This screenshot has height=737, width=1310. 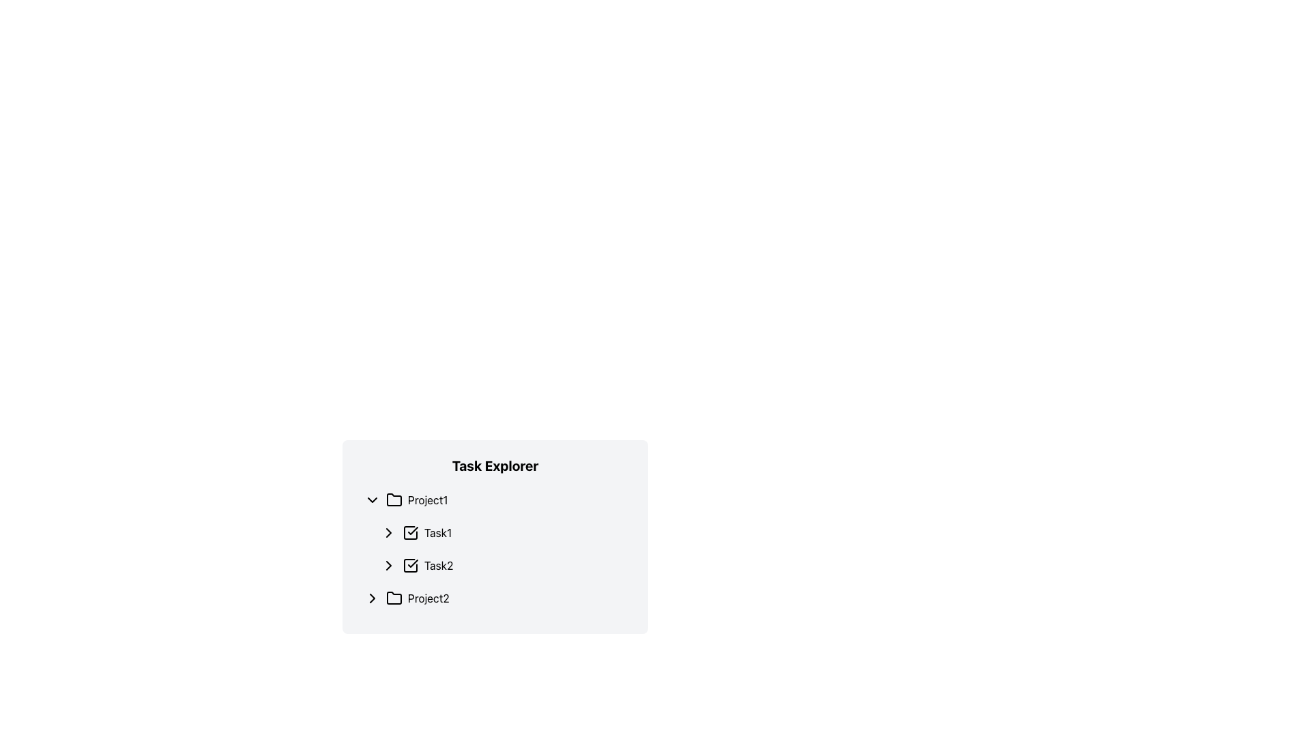 I want to click on the right-pointing chevron icon for 'Project2' in the 'Task Explorer' section to prepare for keyboard interaction, so click(x=373, y=597).